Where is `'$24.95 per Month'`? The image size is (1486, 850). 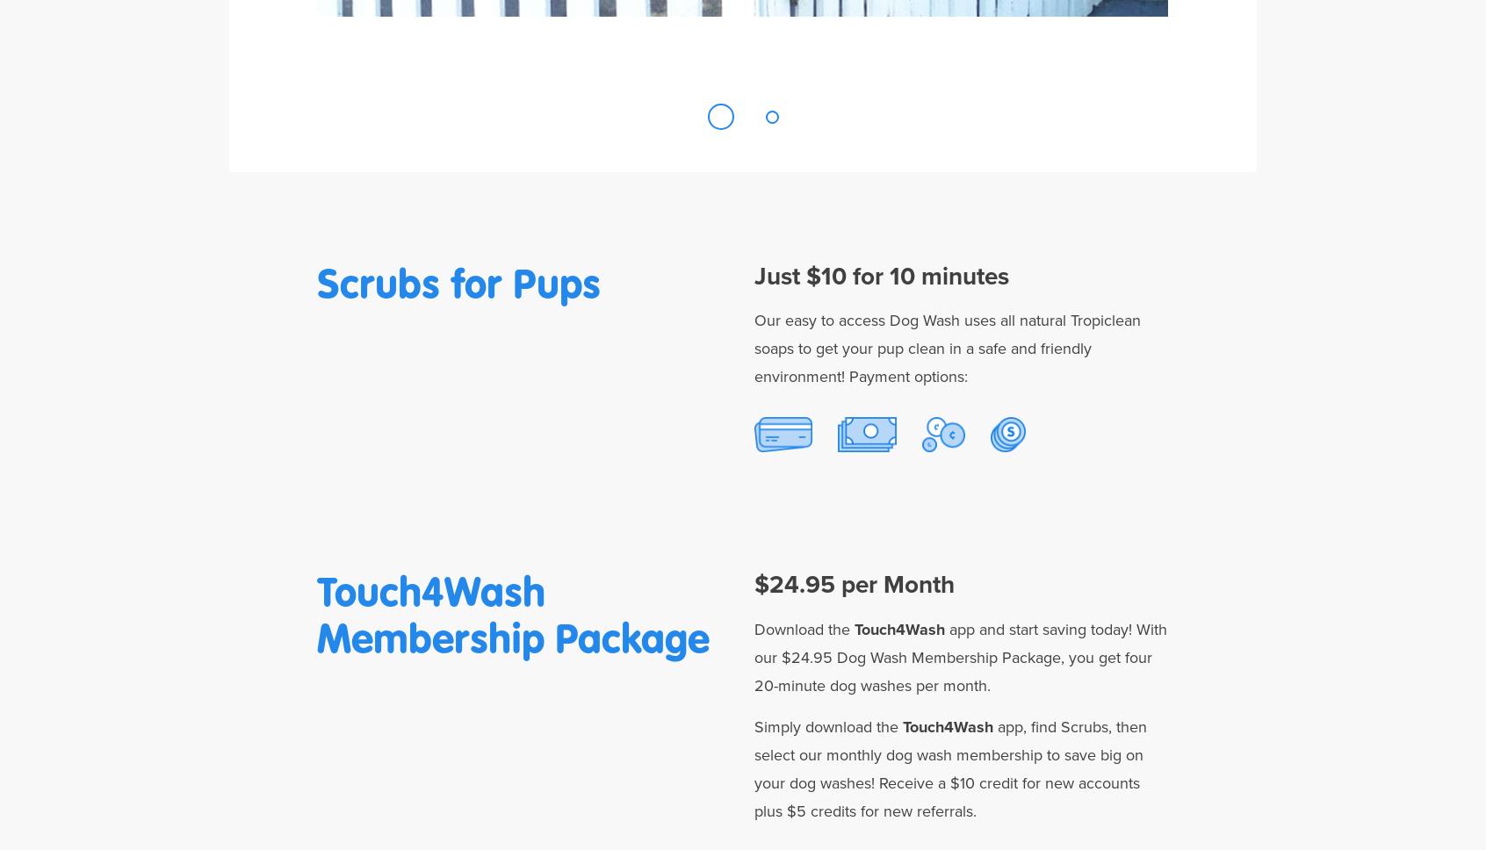
'$24.95 per Month' is located at coordinates (855, 584).